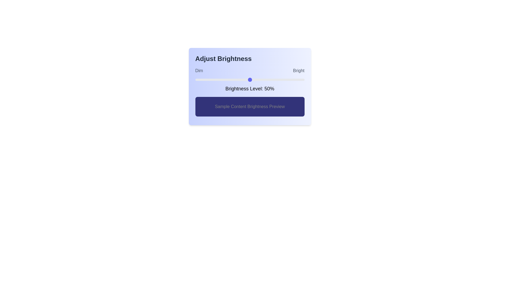 This screenshot has height=294, width=524. I want to click on the brightness level to 64% by dragging the slider, so click(265, 80).